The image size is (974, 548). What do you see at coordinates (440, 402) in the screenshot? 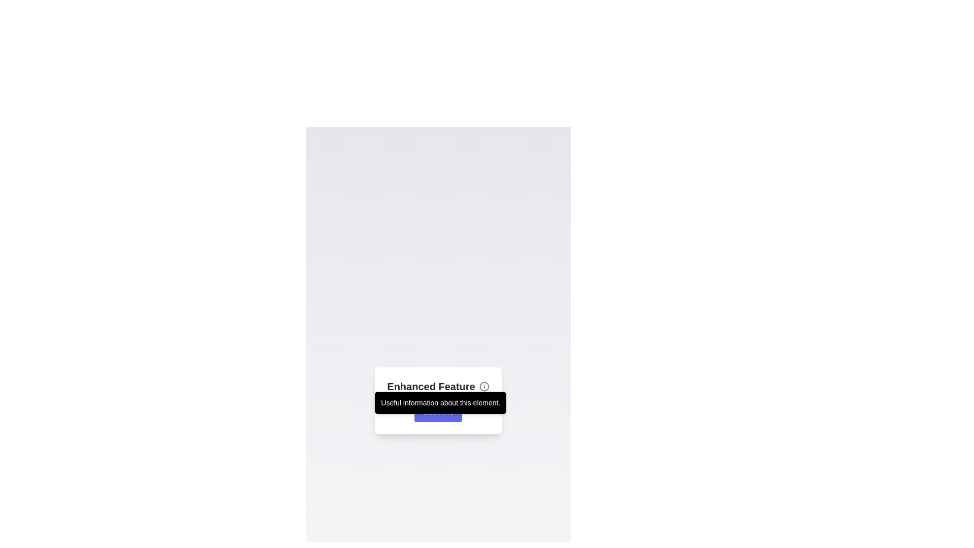
I see `the Tooltip that provides additional information related to the 'Enhanced Feature' component, which is positioned below the header text and information icon` at bounding box center [440, 402].